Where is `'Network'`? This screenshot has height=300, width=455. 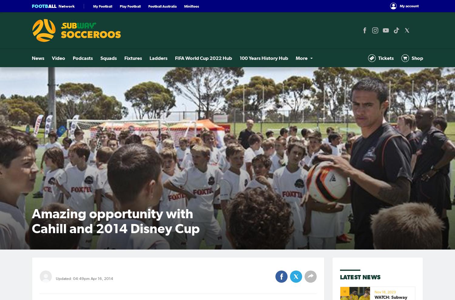
'Network' is located at coordinates (66, 5).